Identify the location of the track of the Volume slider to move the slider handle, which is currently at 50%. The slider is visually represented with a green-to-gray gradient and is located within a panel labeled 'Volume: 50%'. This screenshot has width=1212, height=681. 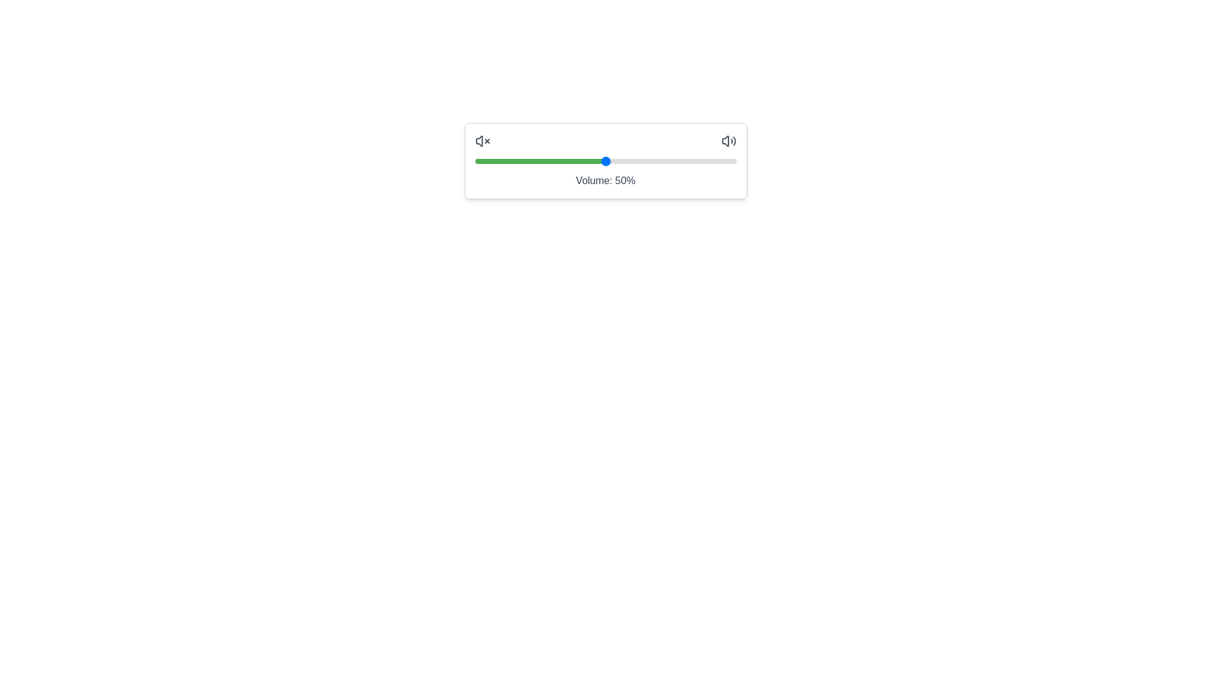
(605, 160).